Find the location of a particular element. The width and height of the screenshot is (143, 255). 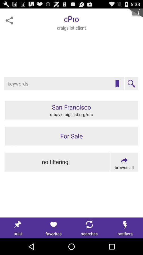

ping app is located at coordinates (9, 20).